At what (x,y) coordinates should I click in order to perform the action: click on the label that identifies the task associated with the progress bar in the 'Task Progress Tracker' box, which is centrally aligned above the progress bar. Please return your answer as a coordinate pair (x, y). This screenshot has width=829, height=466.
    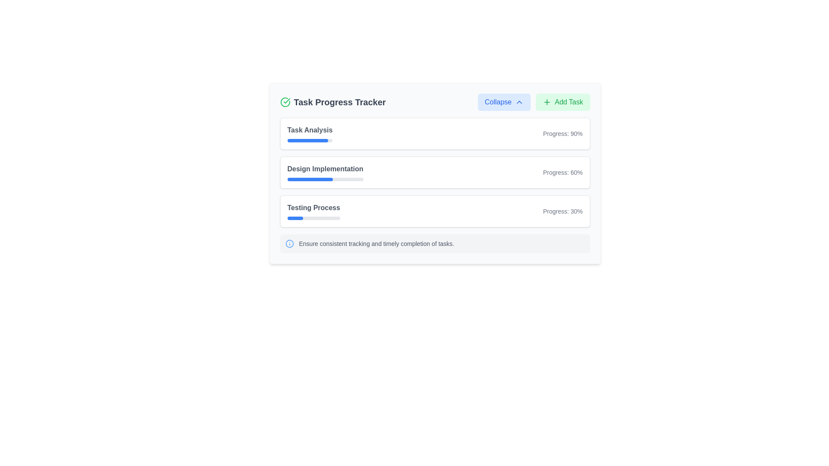
    Looking at the image, I should click on (325, 173).